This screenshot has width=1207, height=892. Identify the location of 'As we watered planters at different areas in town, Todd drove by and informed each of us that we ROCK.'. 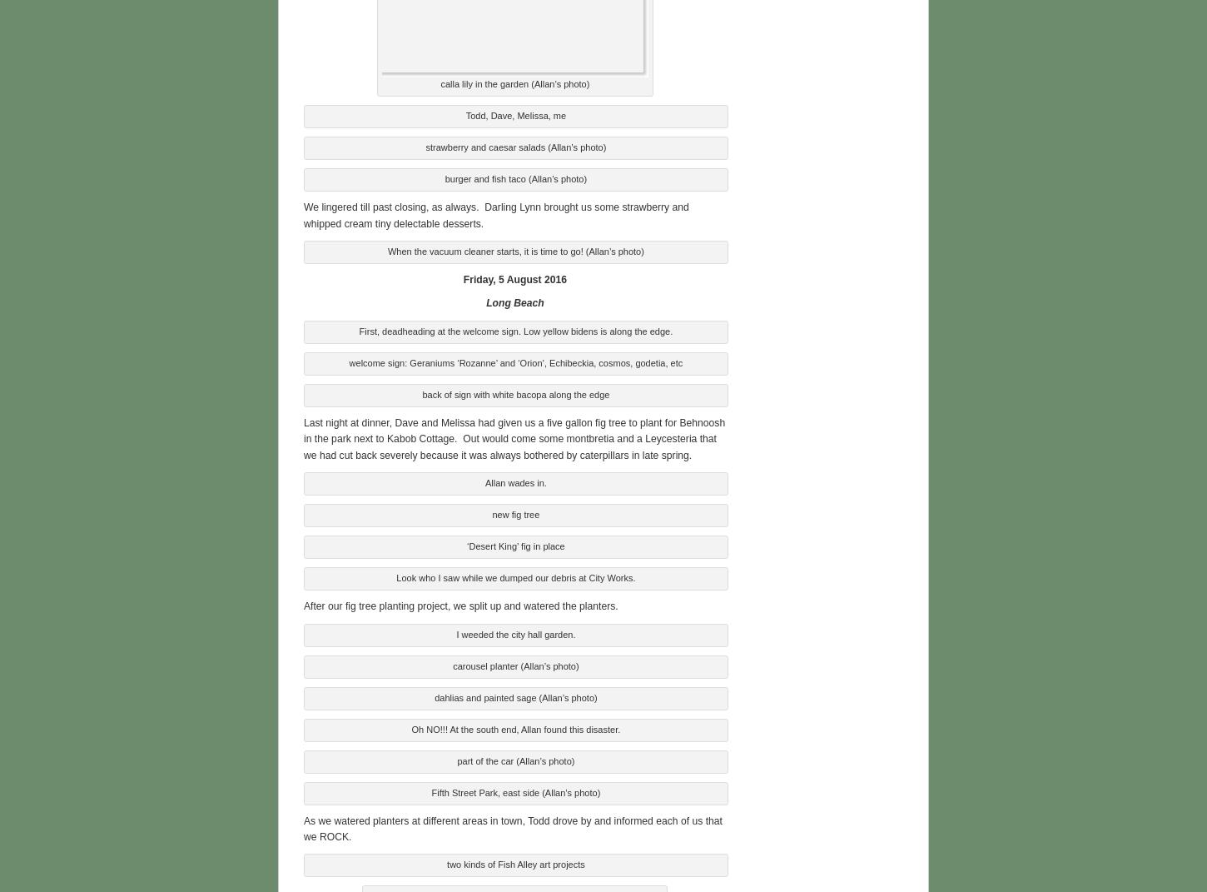
(511, 826).